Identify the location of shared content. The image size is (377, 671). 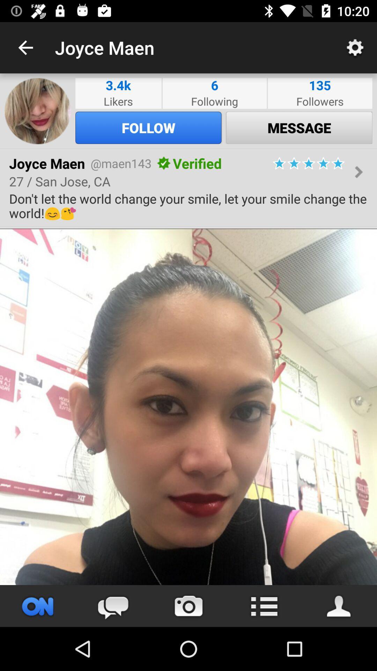
(188, 406).